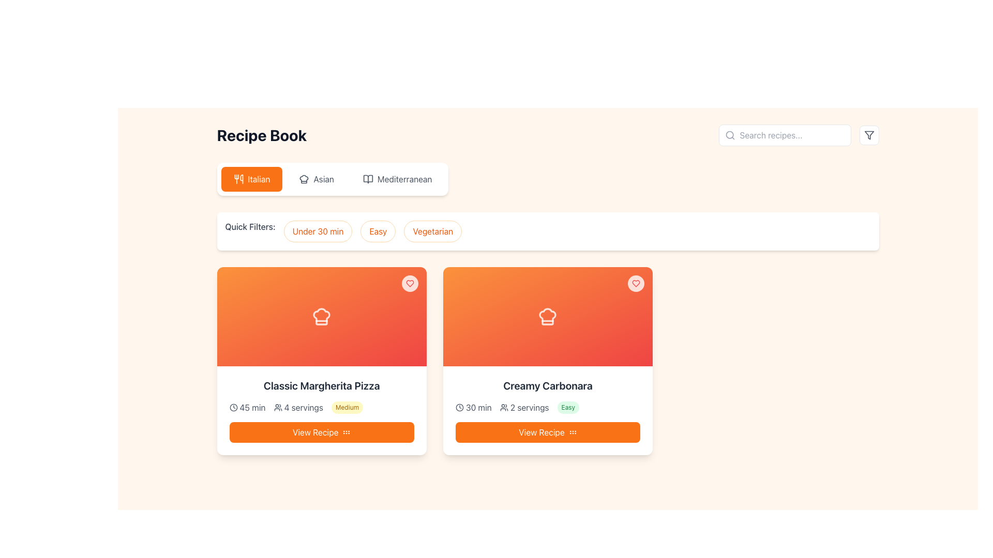  I want to click on the small, rectangular button with rounded corners and a white background that contains a dark gray funnel icon to apply filters, so click(869, 135).